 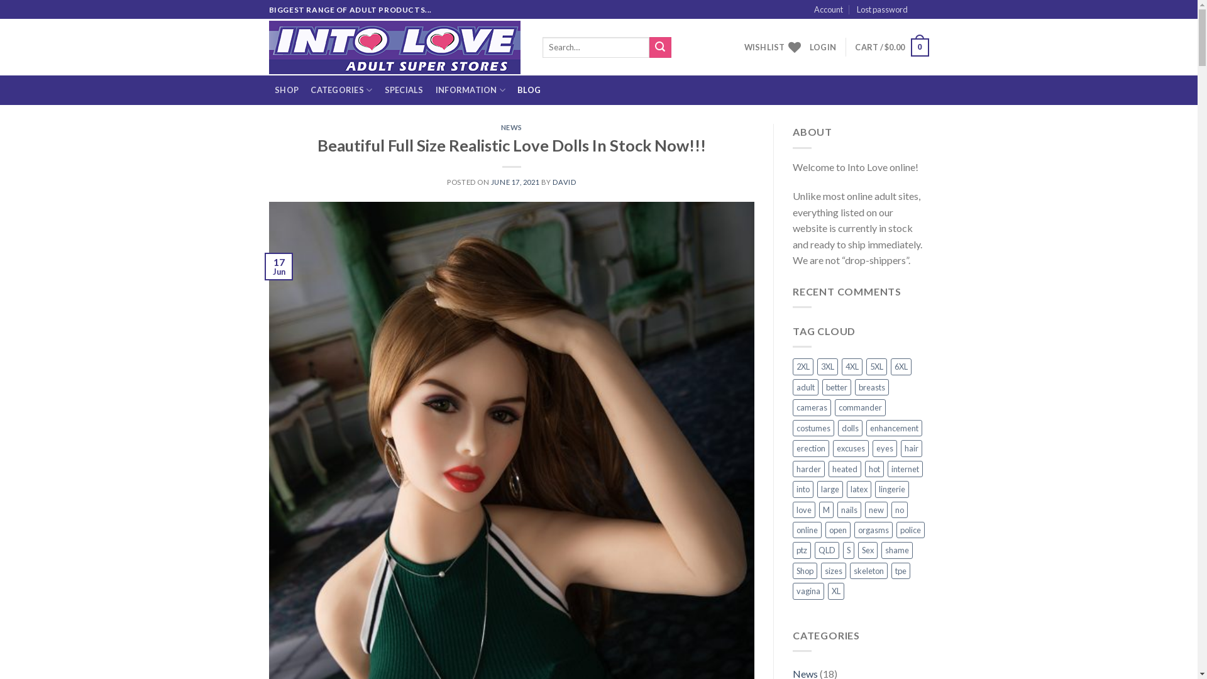 What do you see at coordinates (808, 468) in the screenshot?
I see `'harder'` at bounding box center [808, 468].